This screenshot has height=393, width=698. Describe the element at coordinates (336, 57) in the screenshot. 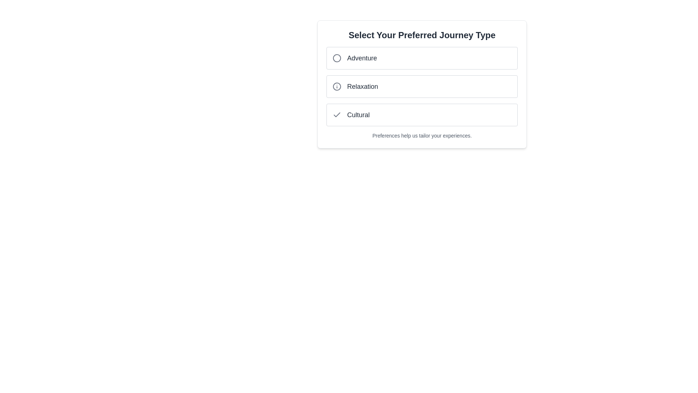

I see `the circular graphical element with a thick border that is part of the 'Adventure' option in the vertical list of selectable options` at that location.